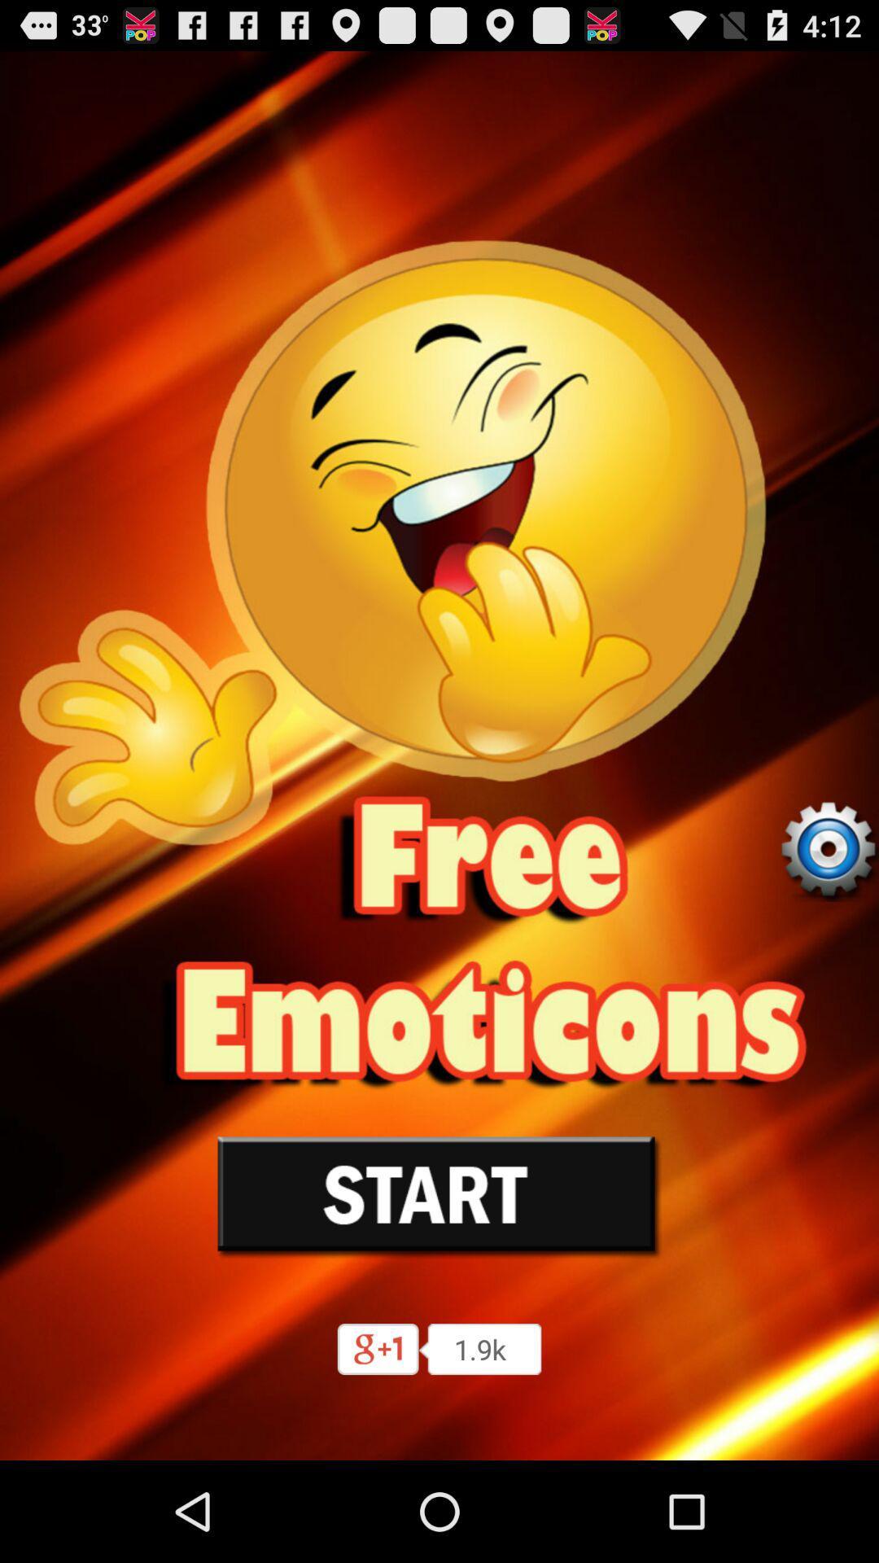 The width and height of the screenshot is (879, 1563). I want to click on displeiy, so click(828, 849).